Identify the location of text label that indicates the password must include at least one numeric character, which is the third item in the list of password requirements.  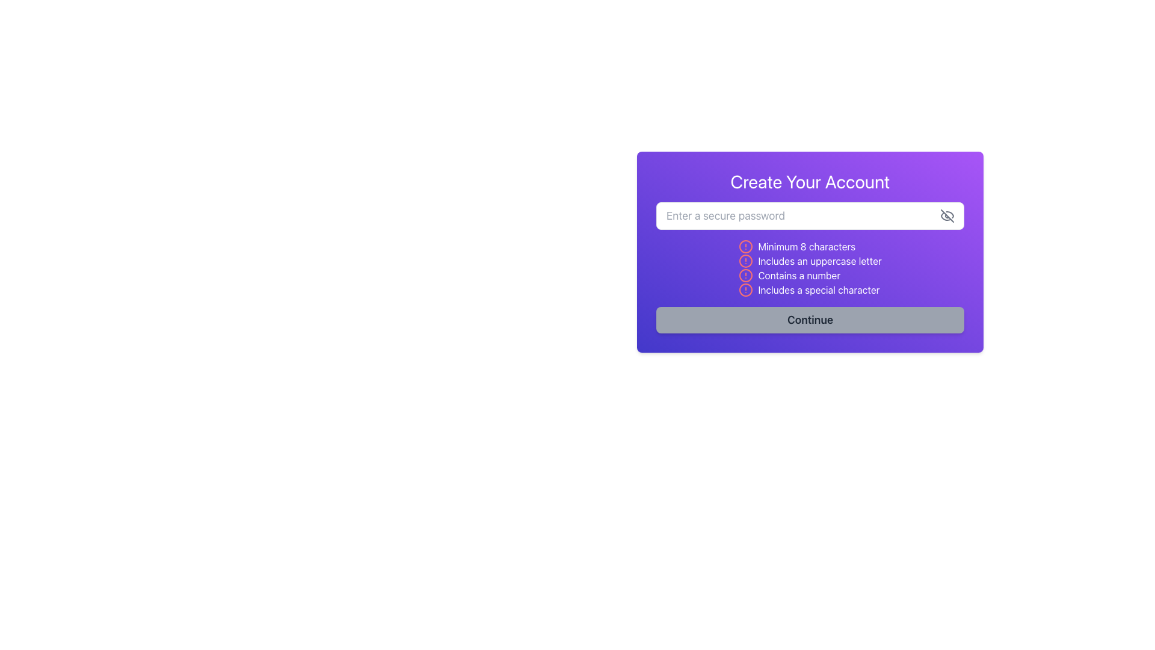
(810, 276).